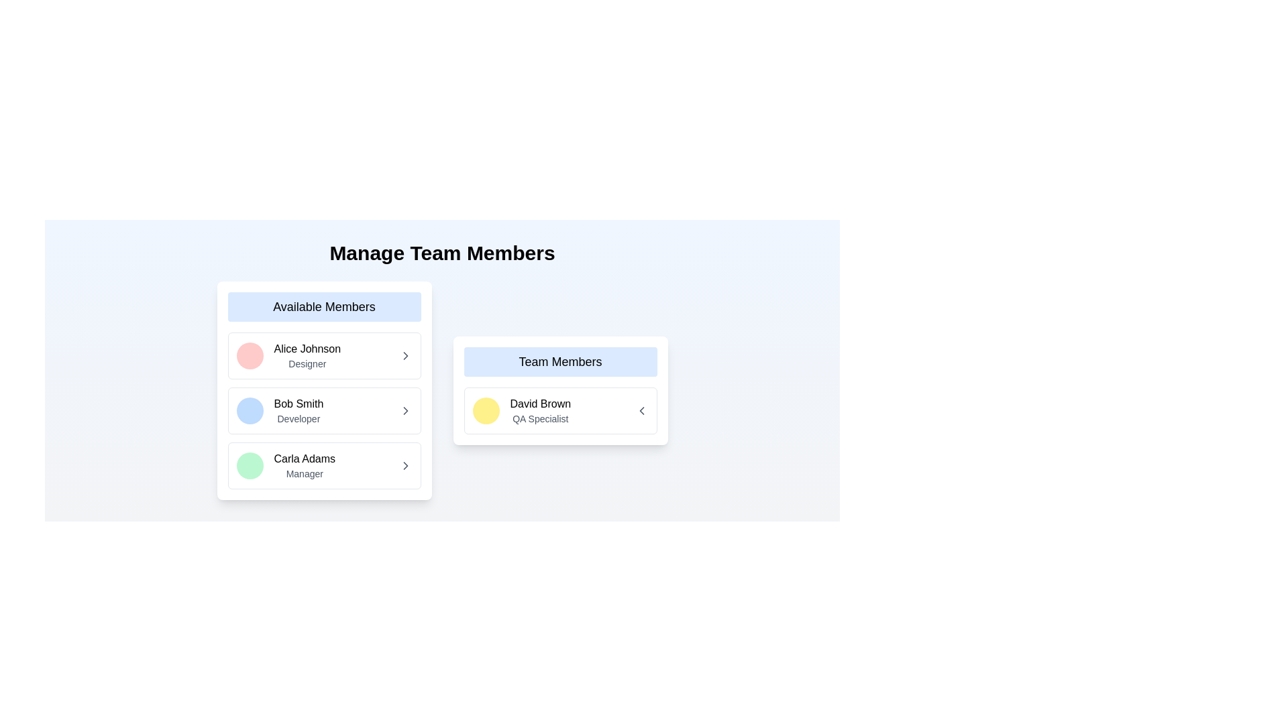 This screenshot has height=724, width=1288. Describe the element at coordinates (641, 410) in the screenshot. I see `the small left-pointing arrow icon, which is styled with thin and smooth strokes and is located near the middle-right side of the interface` at that location.